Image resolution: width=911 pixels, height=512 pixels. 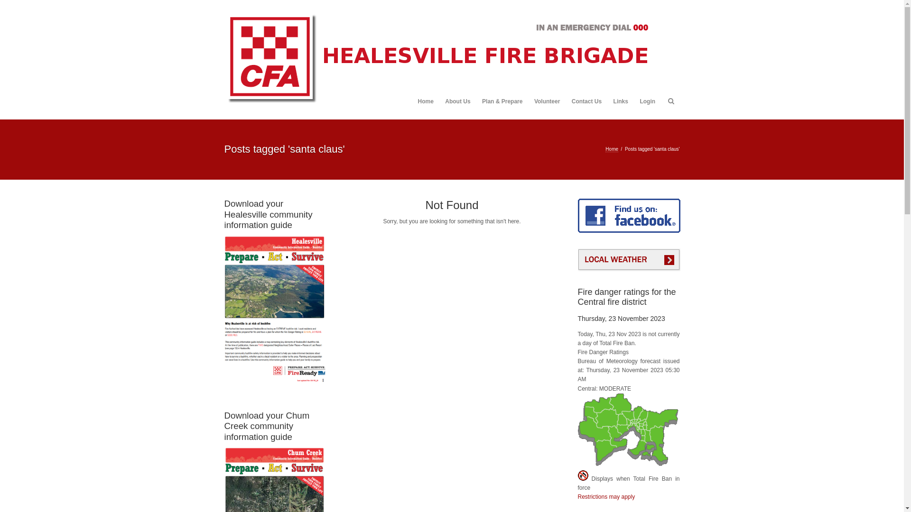 What do you see at coordinates (577, 268) in the screenshot?
I see `'Local weather'` at bounding box center [577, 268].